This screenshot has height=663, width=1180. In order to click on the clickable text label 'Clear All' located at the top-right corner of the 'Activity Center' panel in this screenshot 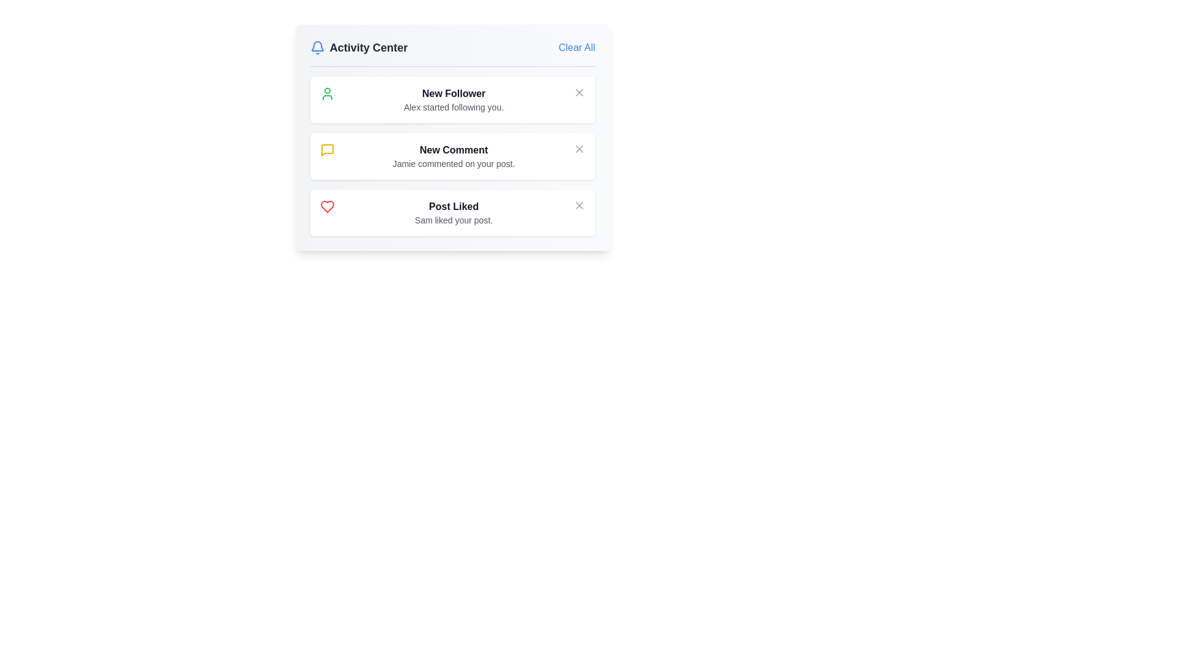, I will do `click(576, 47)`.